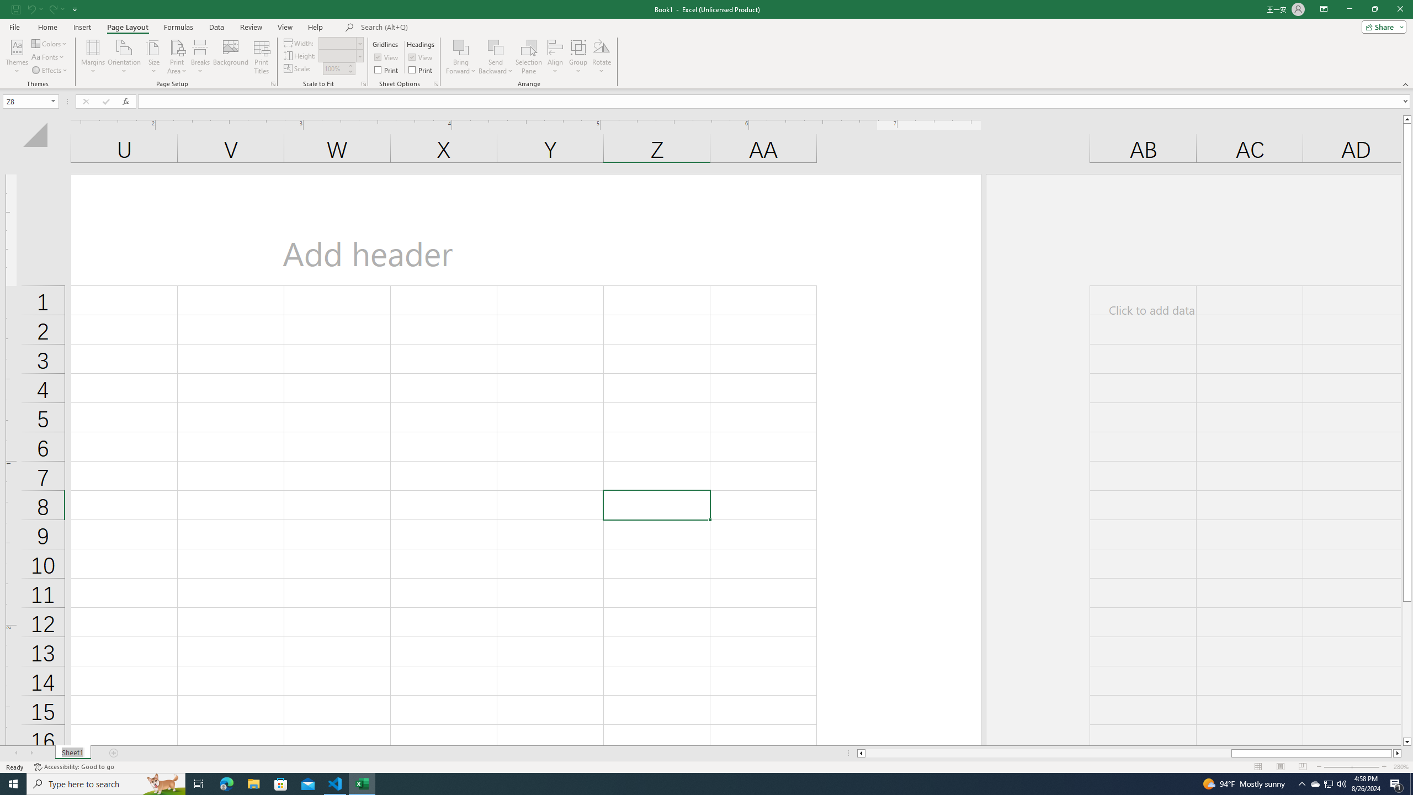  What do you see at coordinates (177, 57) in the screenshot?
I see `'Print Area'` at bounding box center [177, 57].